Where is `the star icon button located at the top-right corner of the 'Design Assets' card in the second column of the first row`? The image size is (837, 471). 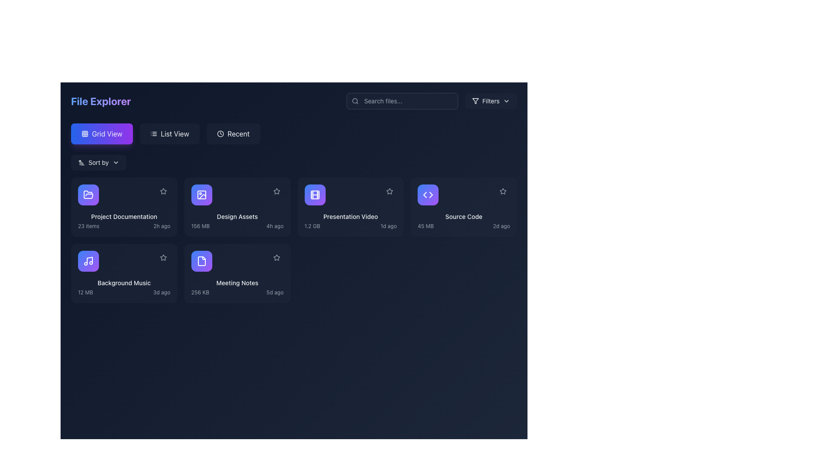 the star icon button located at the top-right corner of the 'Design Assets' card in the second column of the first row is located at coordinates (276, 191).